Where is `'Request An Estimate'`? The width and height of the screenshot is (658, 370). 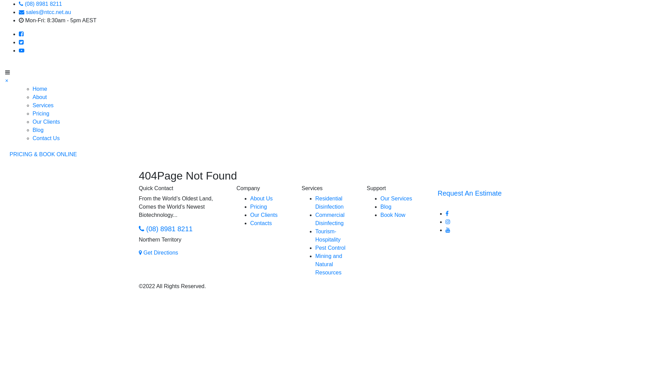
'Request An Estimate' is located at coordinates (469, 193).